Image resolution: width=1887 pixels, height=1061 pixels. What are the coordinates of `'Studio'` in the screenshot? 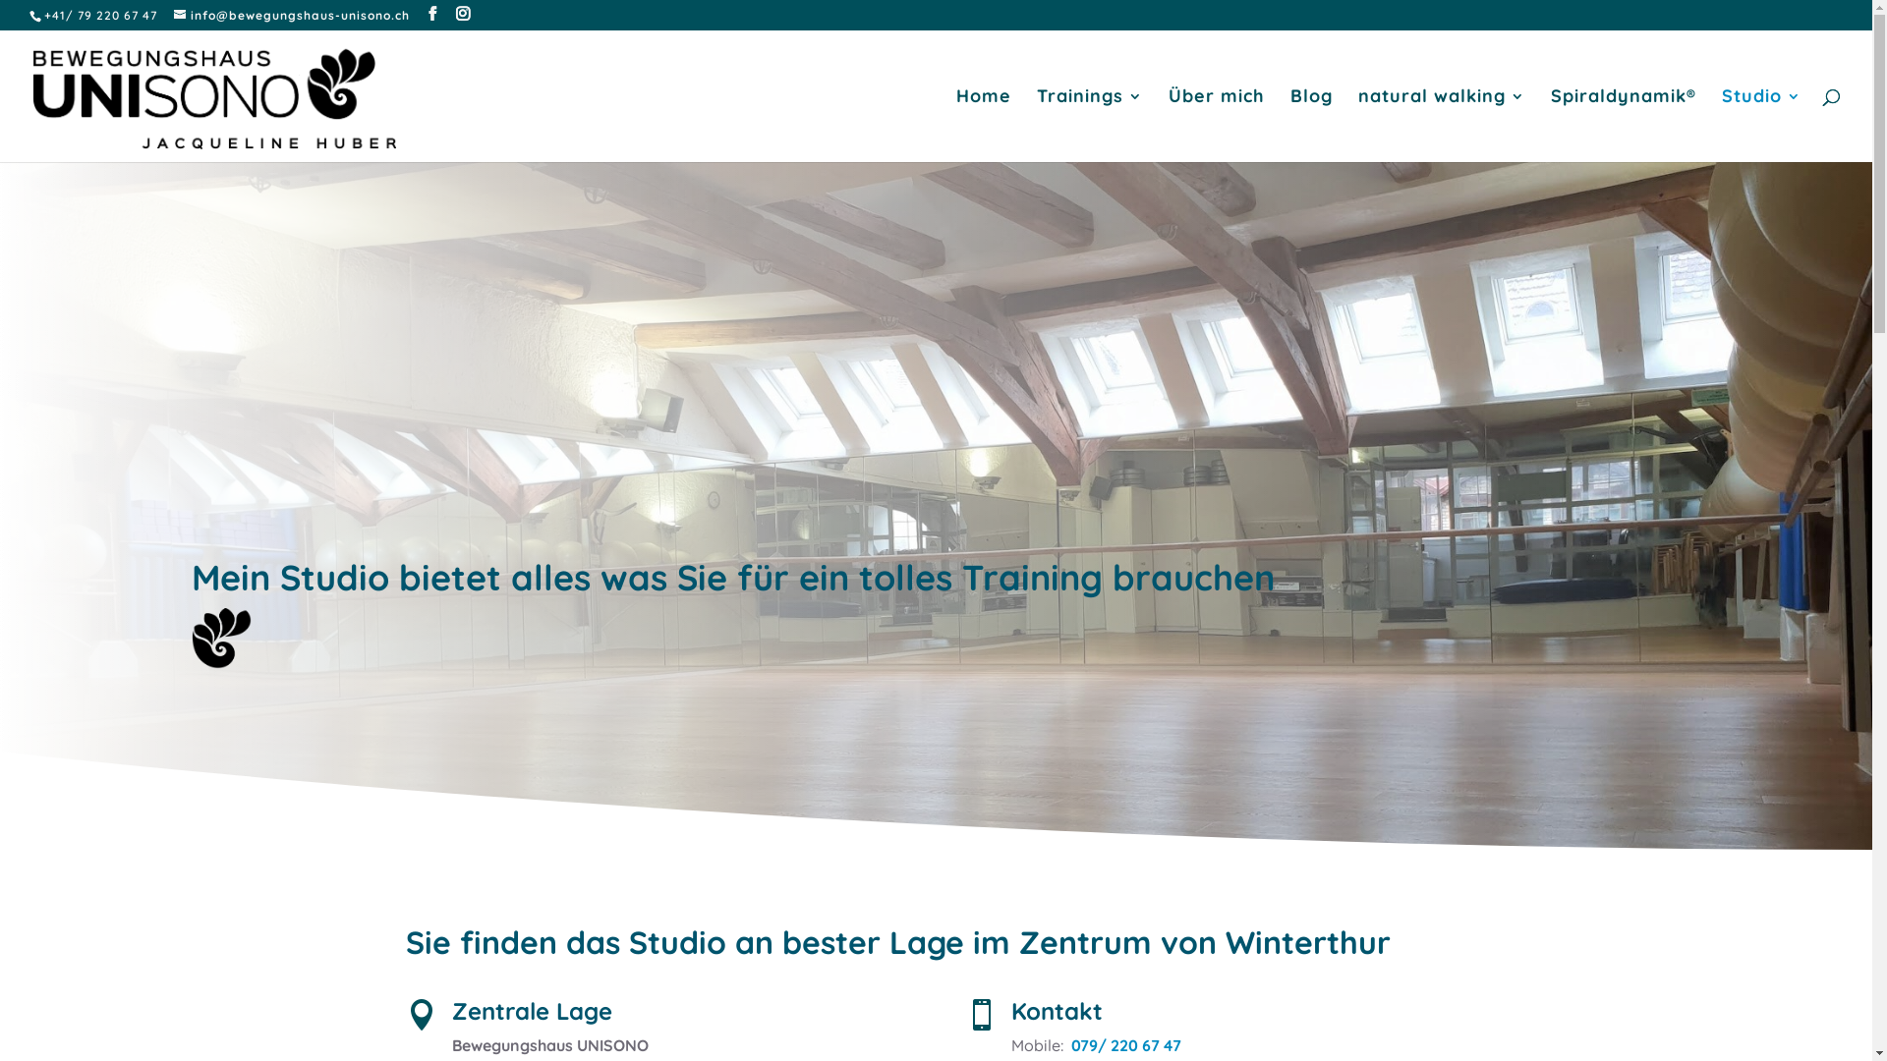 It's located at (1761, 125).